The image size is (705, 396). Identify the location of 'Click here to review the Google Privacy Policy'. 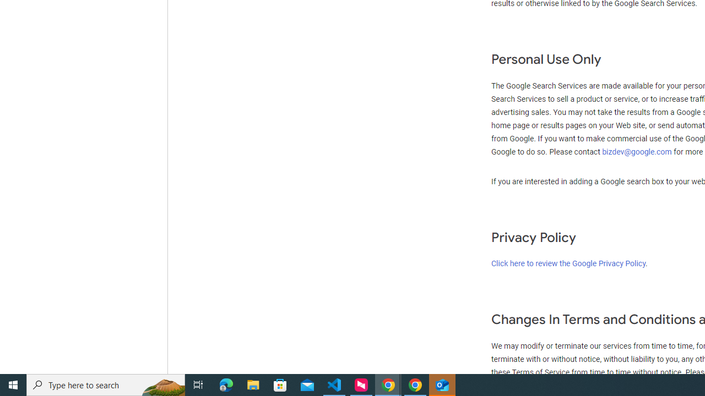
(568, 263).